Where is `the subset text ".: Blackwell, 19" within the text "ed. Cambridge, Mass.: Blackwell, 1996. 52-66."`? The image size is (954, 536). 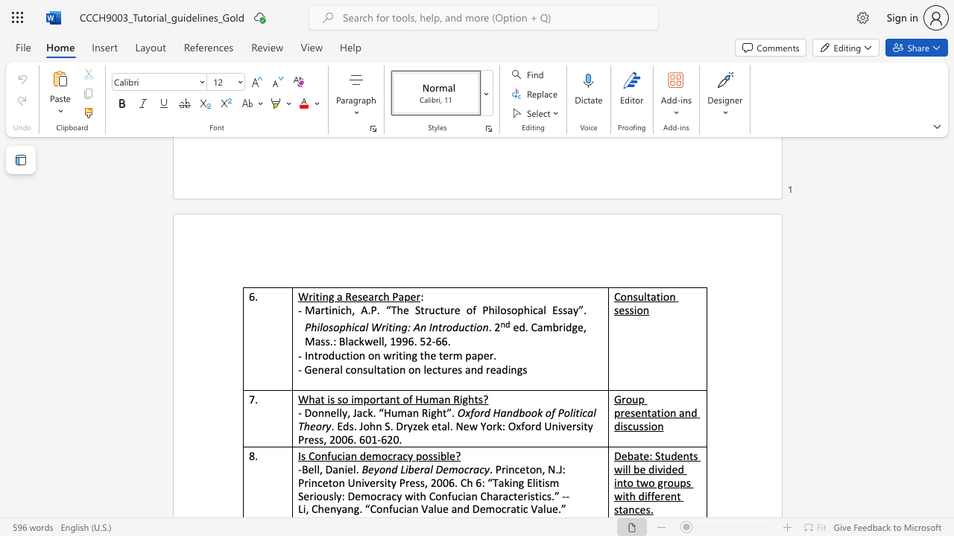
the subset text ".: Blackwell, 19" within the text "ed. Cambridge, Mass.: Blackwell, 1996. 52-66." is located at coordinates (329, 341).